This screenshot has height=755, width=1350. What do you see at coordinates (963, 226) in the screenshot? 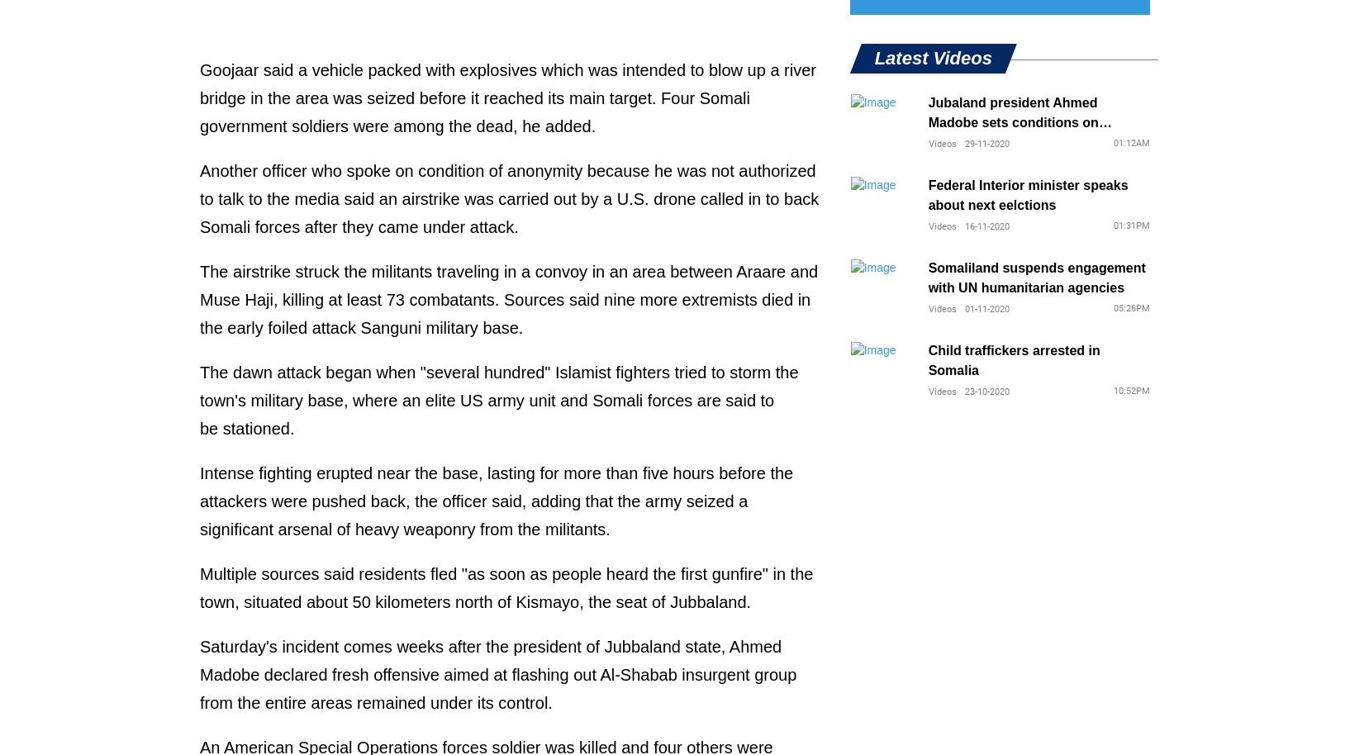
I see `'16-11-2020'` at bounding box center [963, 226].